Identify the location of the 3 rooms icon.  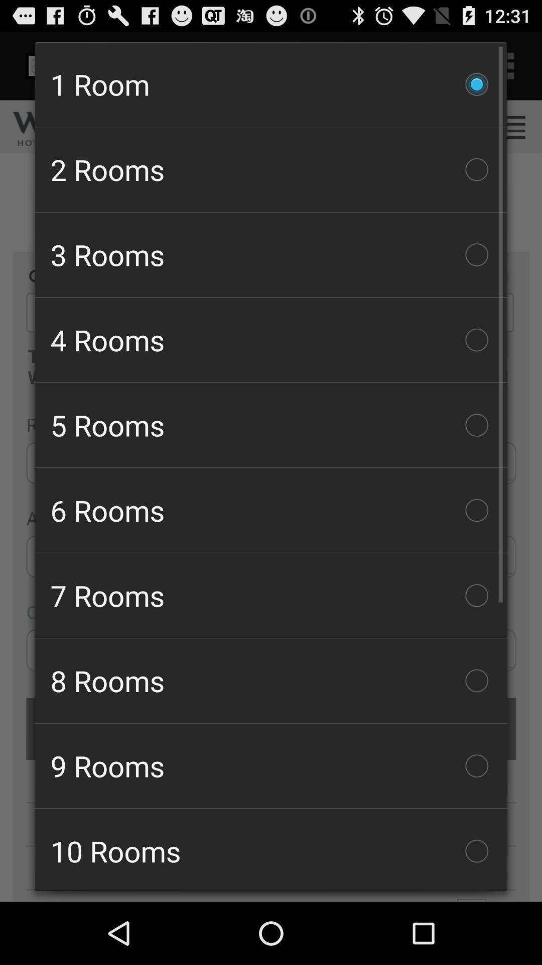
(271, 255).